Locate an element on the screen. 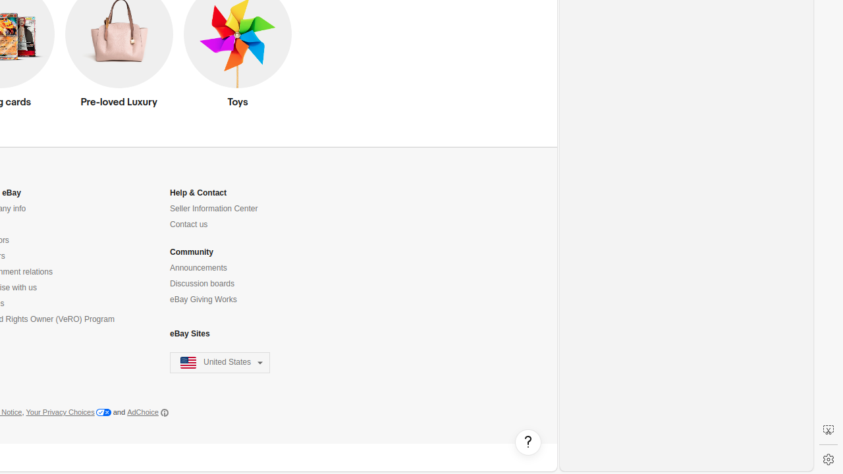 Image resolution: width=843 pixels, height=474 pixels. 'Help, opens dialogs' is located at coordinates (528, 442).